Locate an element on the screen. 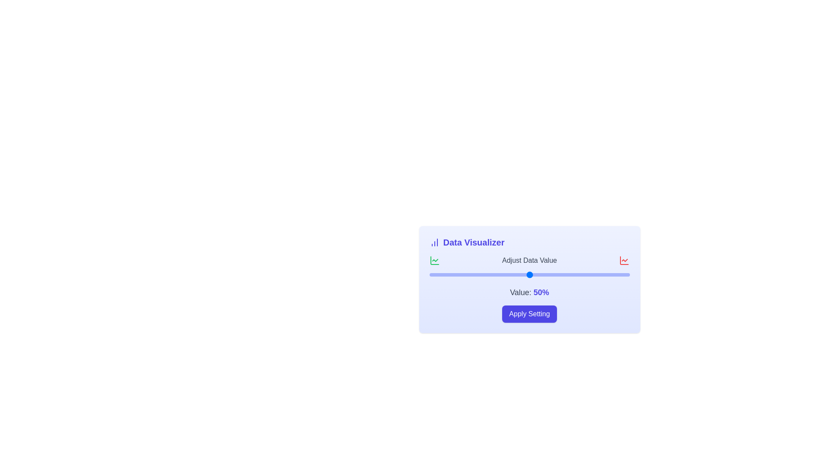 The image size is (829, 466). the text label titled 'Adjust Data Value' located in the second row of the 'Data Visualizer' card, which is positioned below the 'Data Visualizer' title and above the slider labeled 'Value: 50%' is located at coordinates (529, 260).